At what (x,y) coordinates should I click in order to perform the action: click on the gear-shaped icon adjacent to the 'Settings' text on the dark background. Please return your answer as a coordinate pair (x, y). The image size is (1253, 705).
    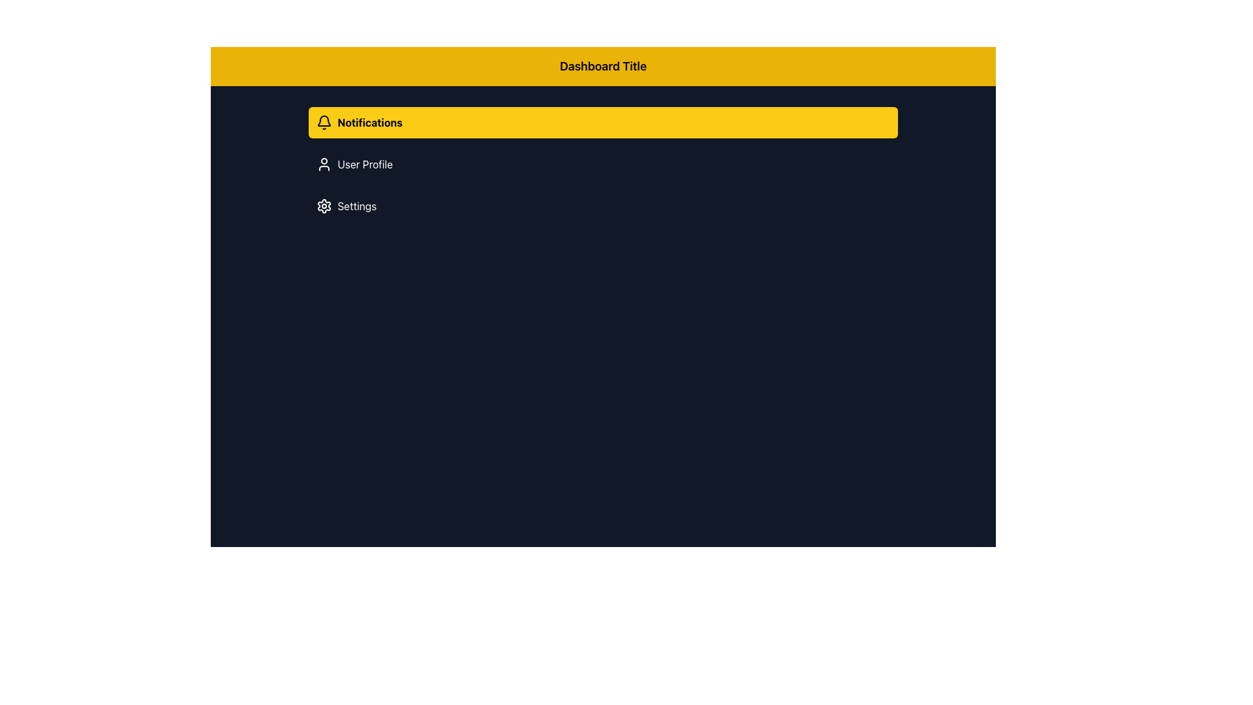
    Looking at the image, I should click on (324, 206).